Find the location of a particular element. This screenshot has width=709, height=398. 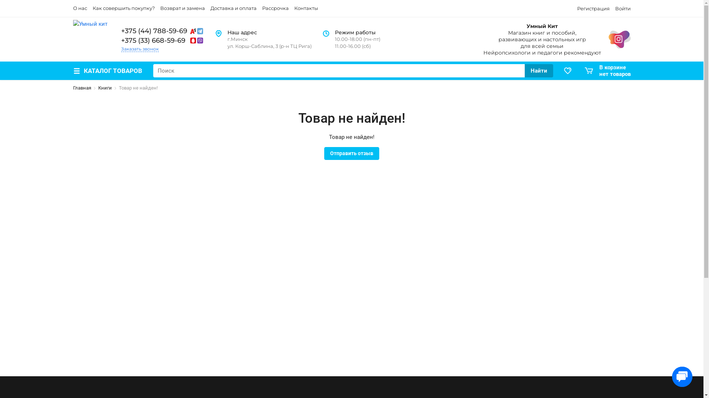

'+375 (44) 788-59-69' is located at coordinates (162, 31).